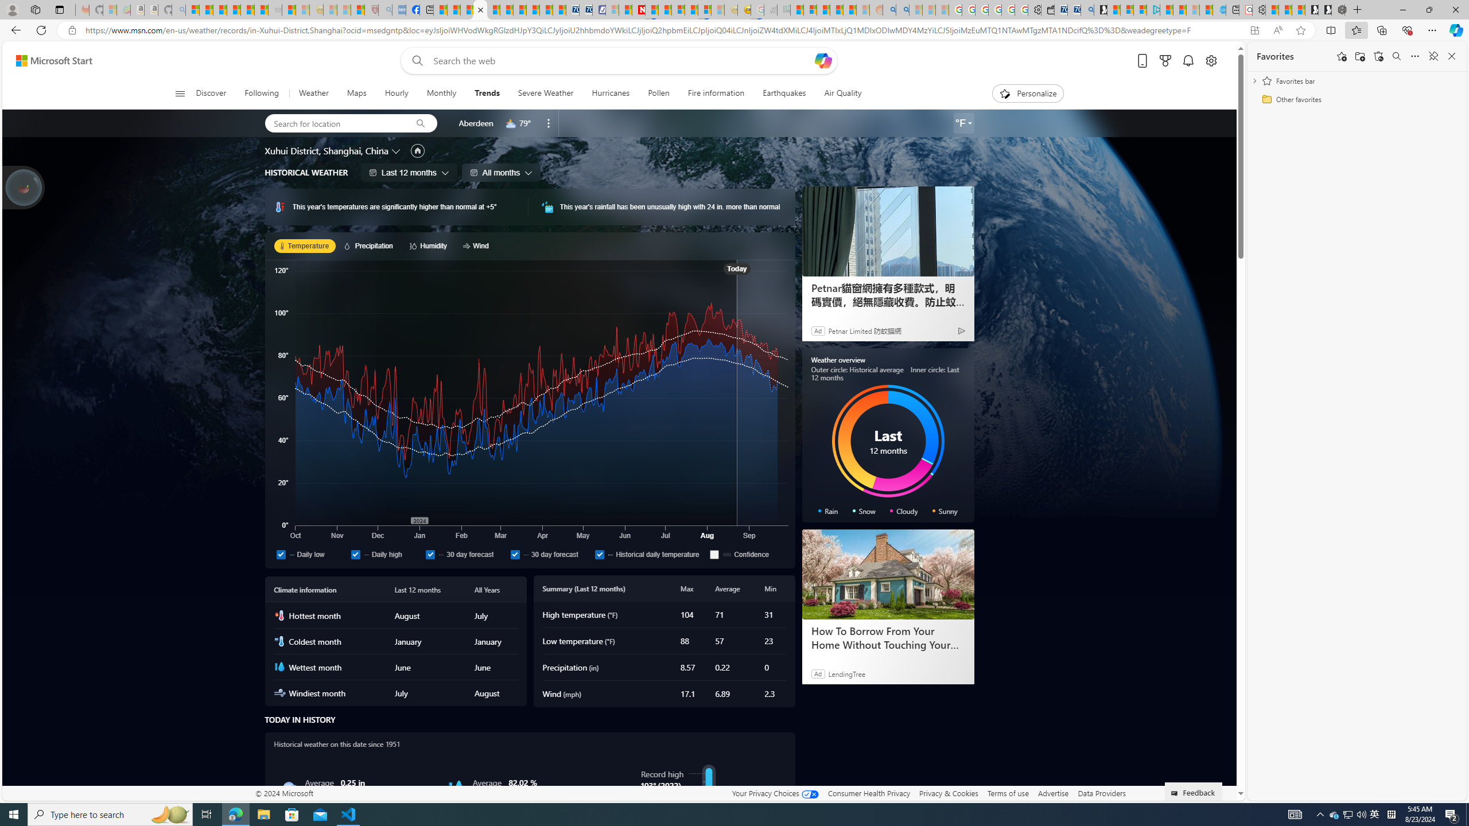 This screenshot has width=1469, height=826. I want to click on 'Maps', so click(356, 93).